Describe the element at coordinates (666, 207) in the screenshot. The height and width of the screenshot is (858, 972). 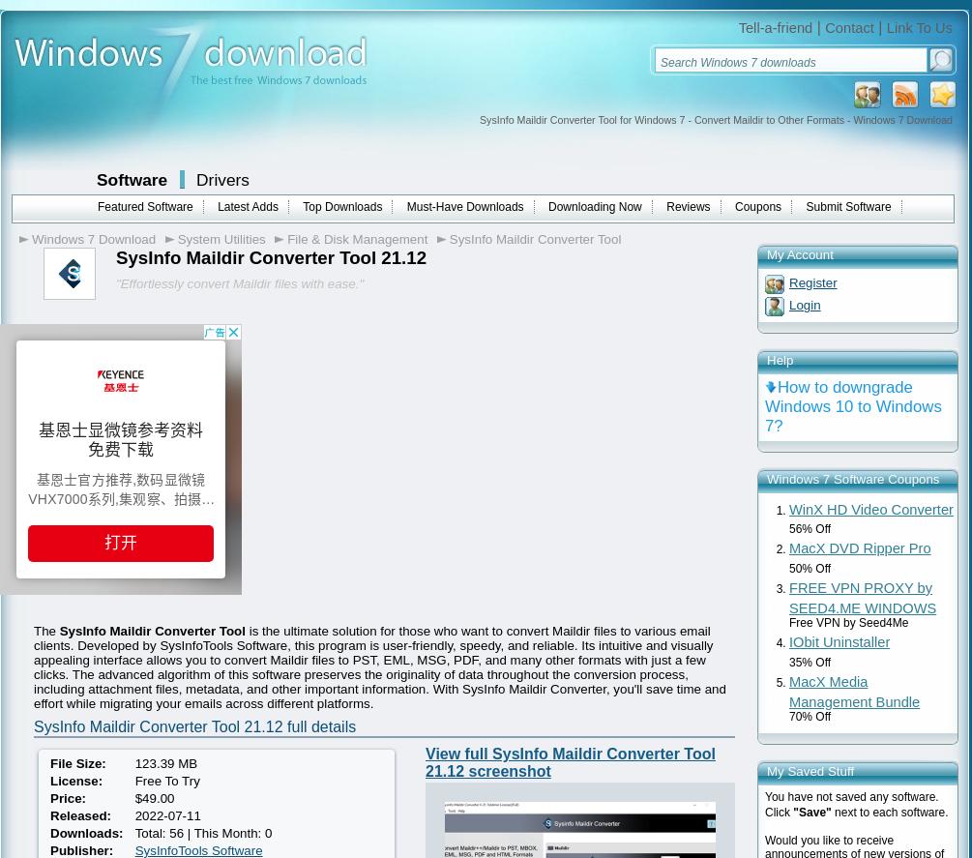
I see `'Reviews'` at that location.